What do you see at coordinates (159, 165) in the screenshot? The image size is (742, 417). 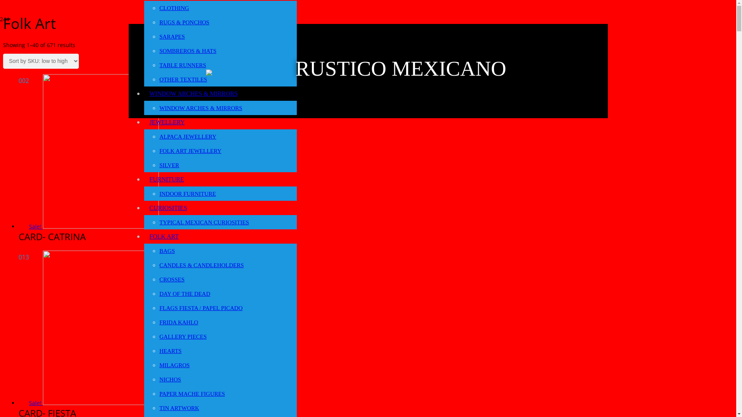 I see `'SILVER'` at bounding box center [159, 165].